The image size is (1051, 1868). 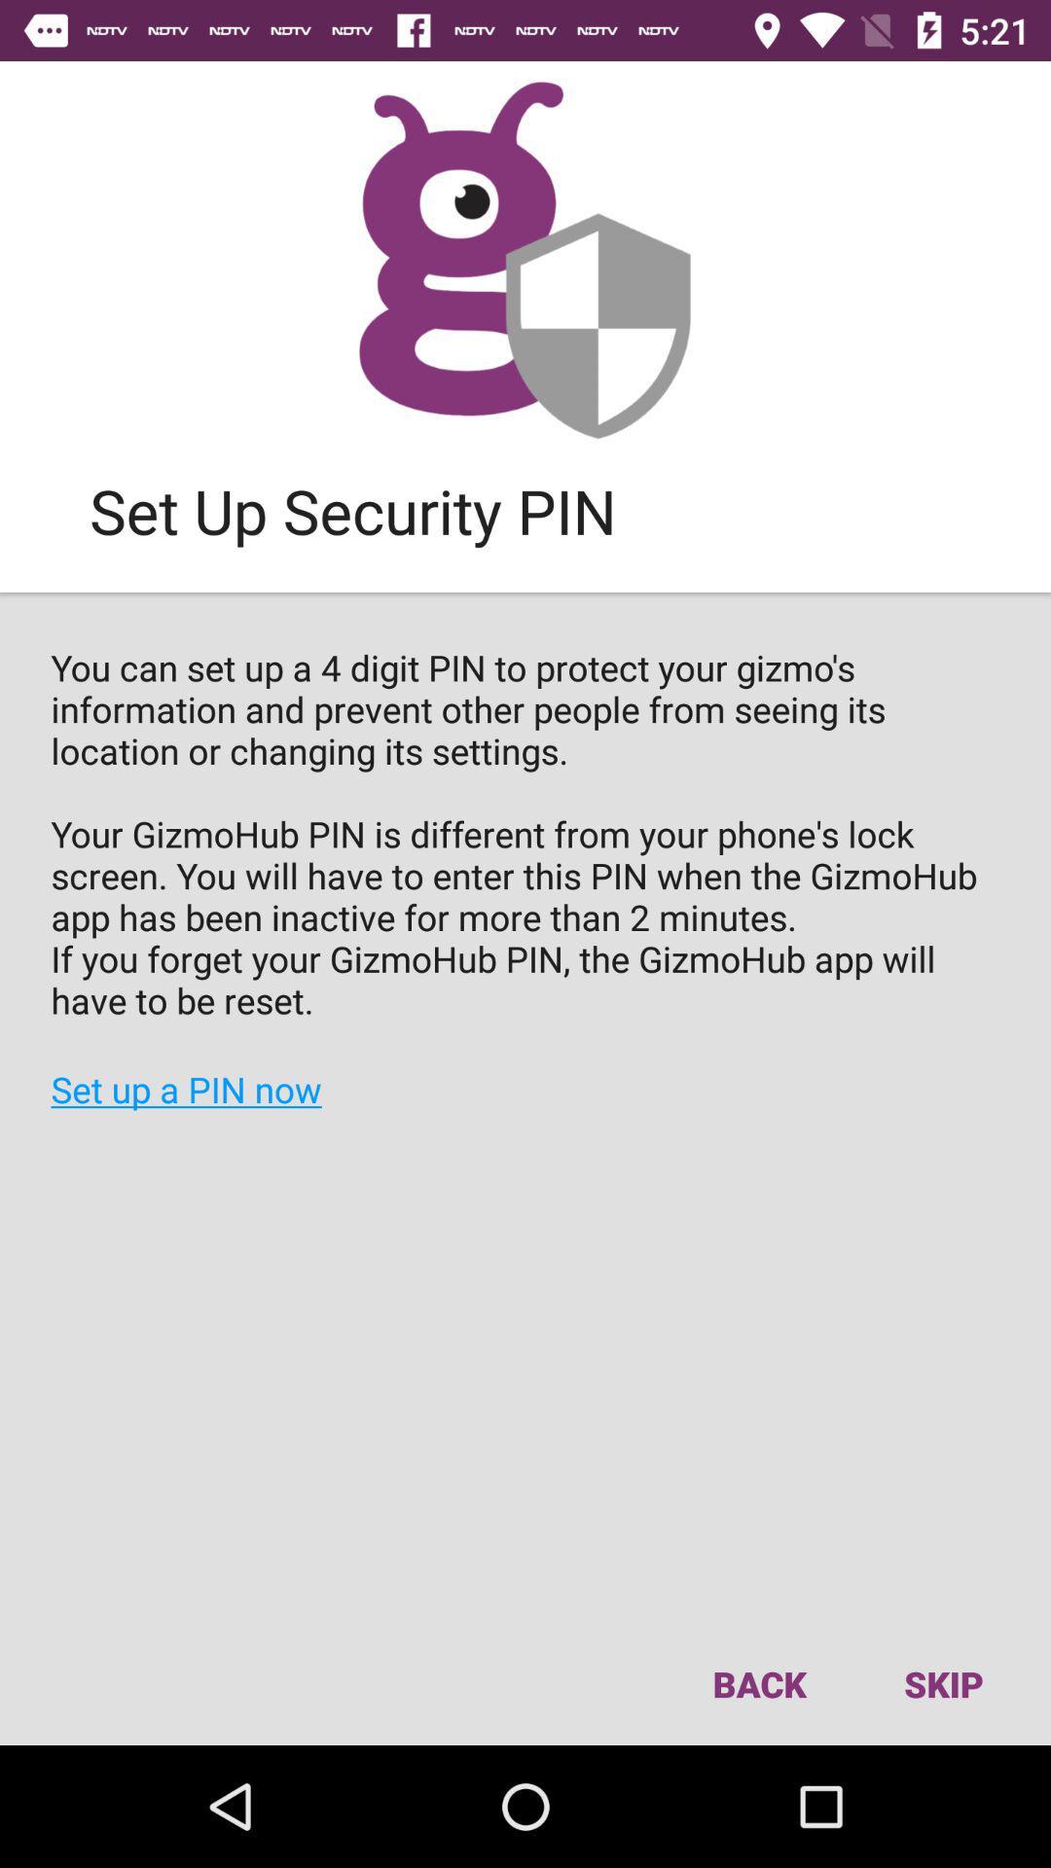 I want to click on icon to the left of the skip item, so click(x=758, y=1683).